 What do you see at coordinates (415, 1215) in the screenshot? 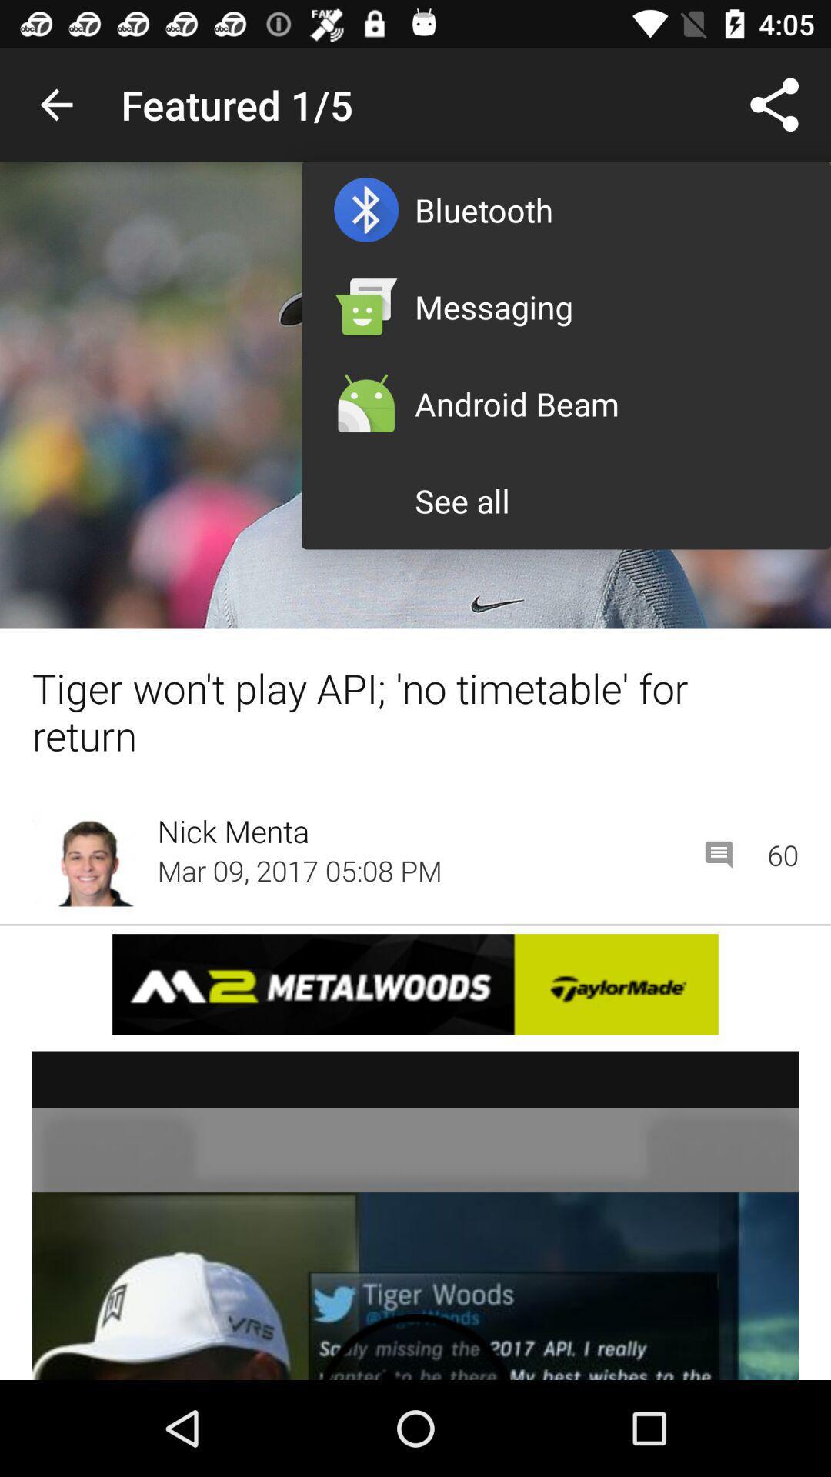
I see `click on advertisements` at bounding box center [415, 1215].